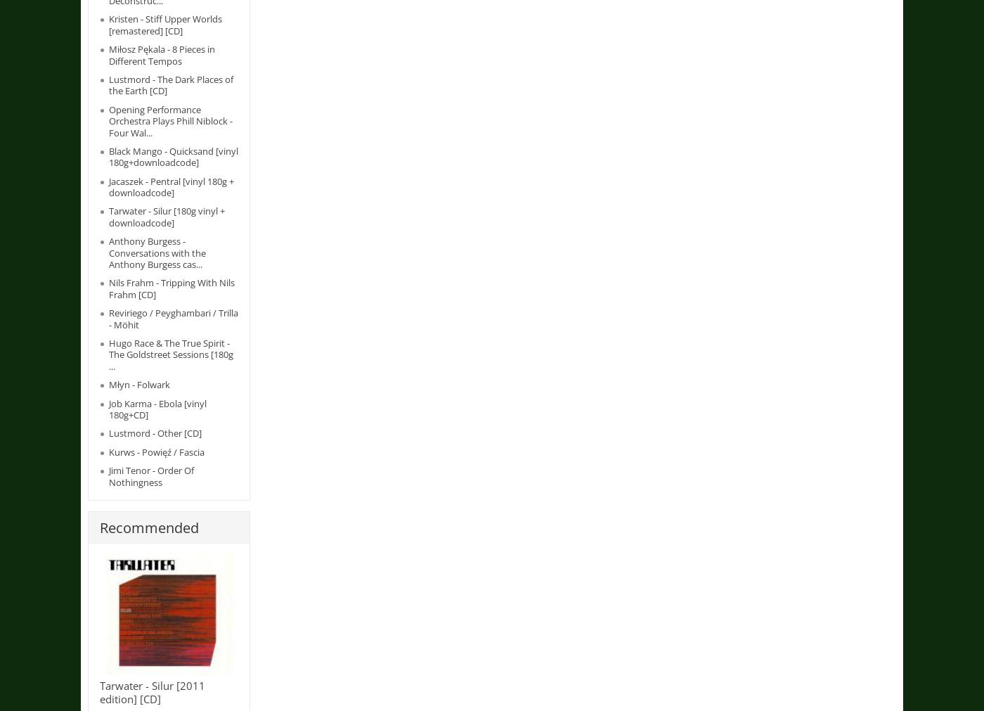 This screenshot has width=984, height=711. Describe the element at coordinates (167, 216) in the screenshot. I see `'Tarwater - Silur [180g vinyl + downloadcode]'` at that location.